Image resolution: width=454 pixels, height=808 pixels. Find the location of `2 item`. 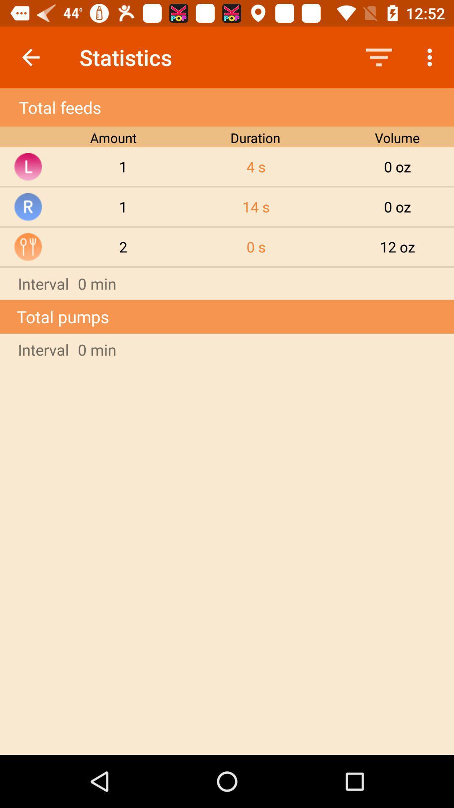

2 item is located at coordinates (123, 246).